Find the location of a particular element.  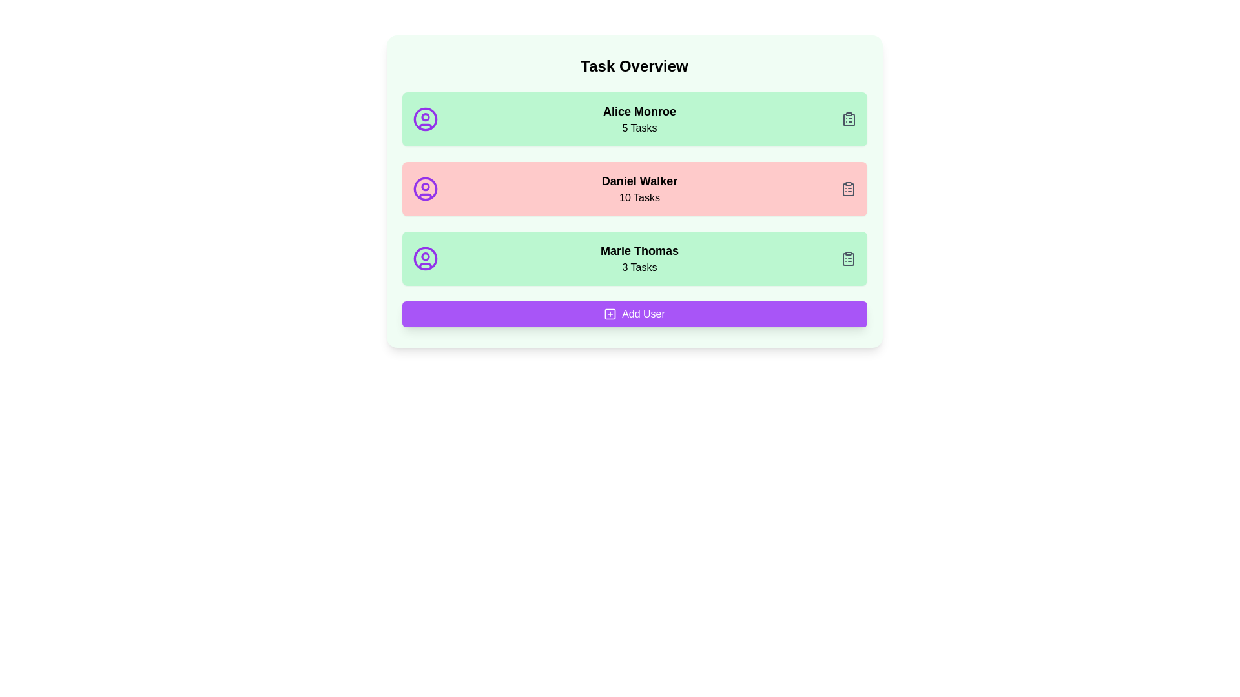

the user detail icon for Daniel Walker to view their details is located at coordinates (425, 189).